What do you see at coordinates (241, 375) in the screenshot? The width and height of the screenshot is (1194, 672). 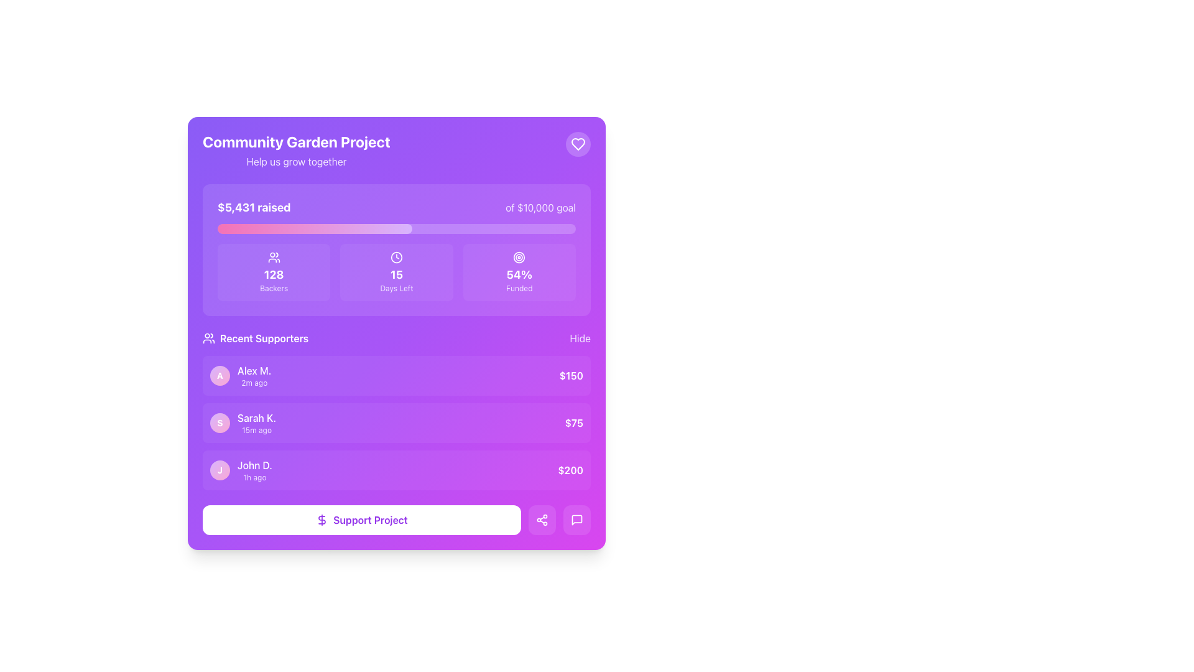 I see `the user card for 'Alex M.' displayed with a circular avatar and a timestamp, located in the 'Recent Supporters' section` at bounding box center [241, 375].